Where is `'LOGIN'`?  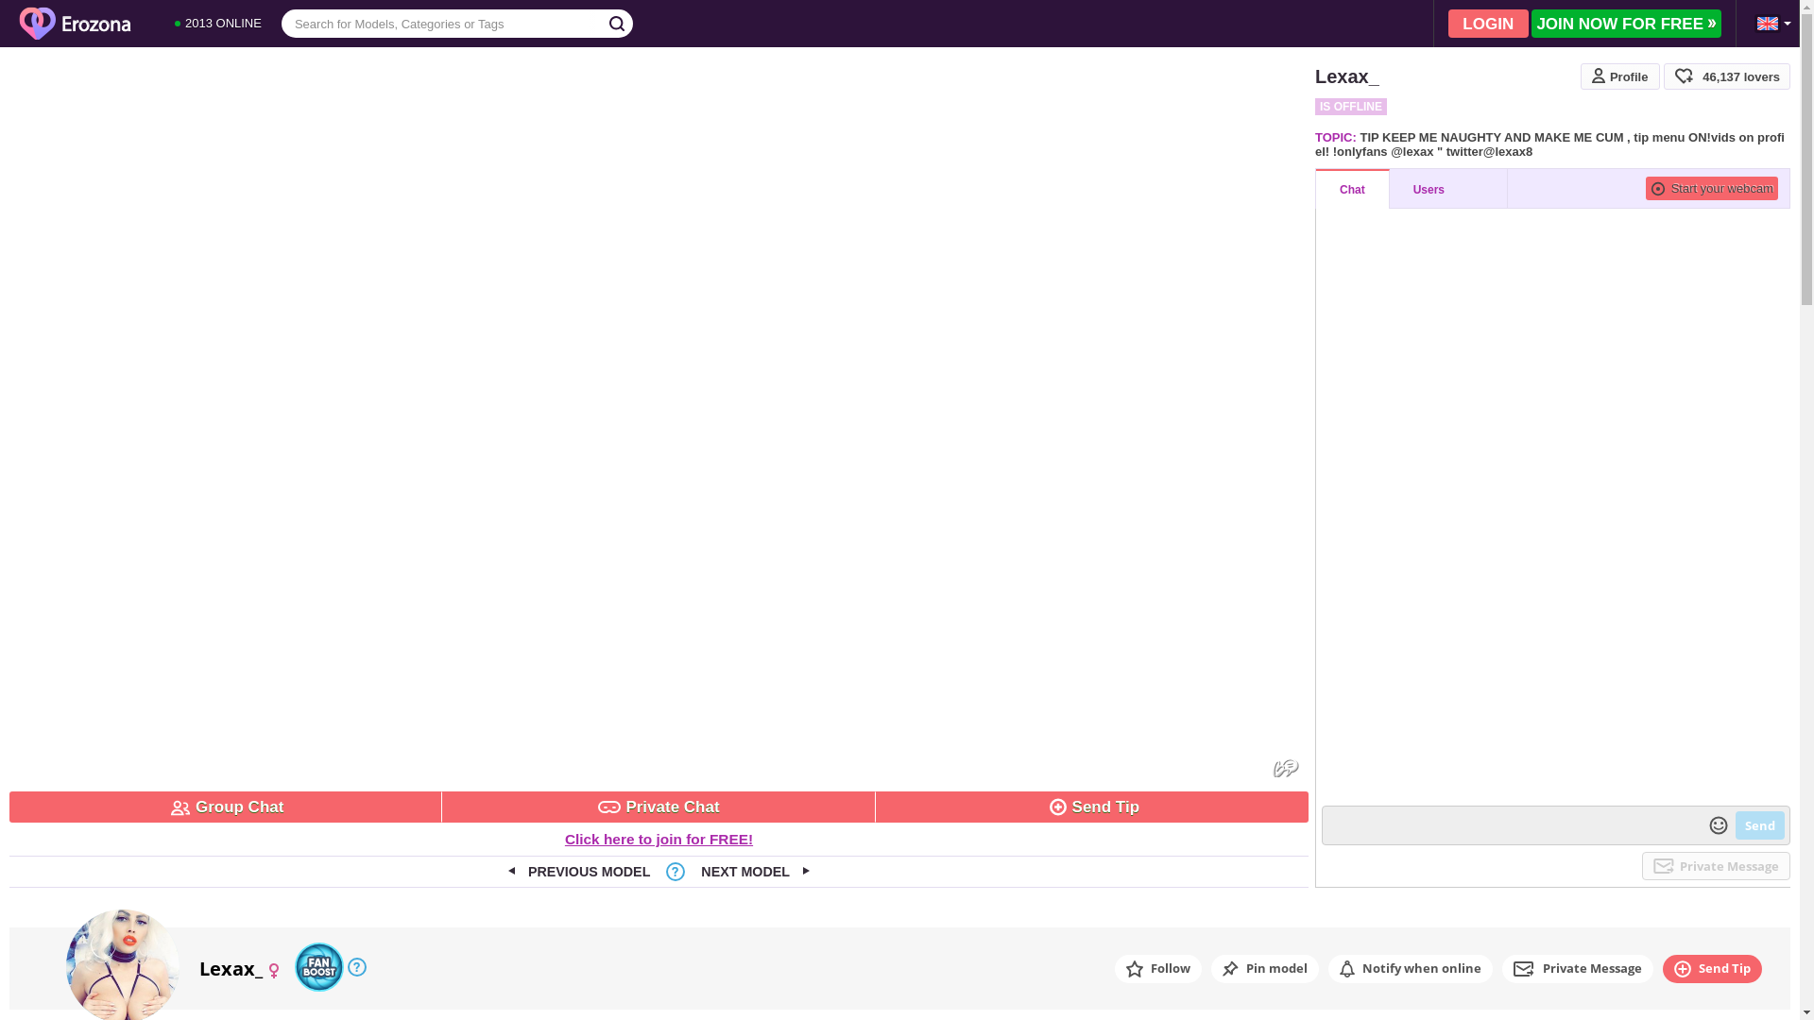
'LOGIN' is located at coordinates (1487, 23).